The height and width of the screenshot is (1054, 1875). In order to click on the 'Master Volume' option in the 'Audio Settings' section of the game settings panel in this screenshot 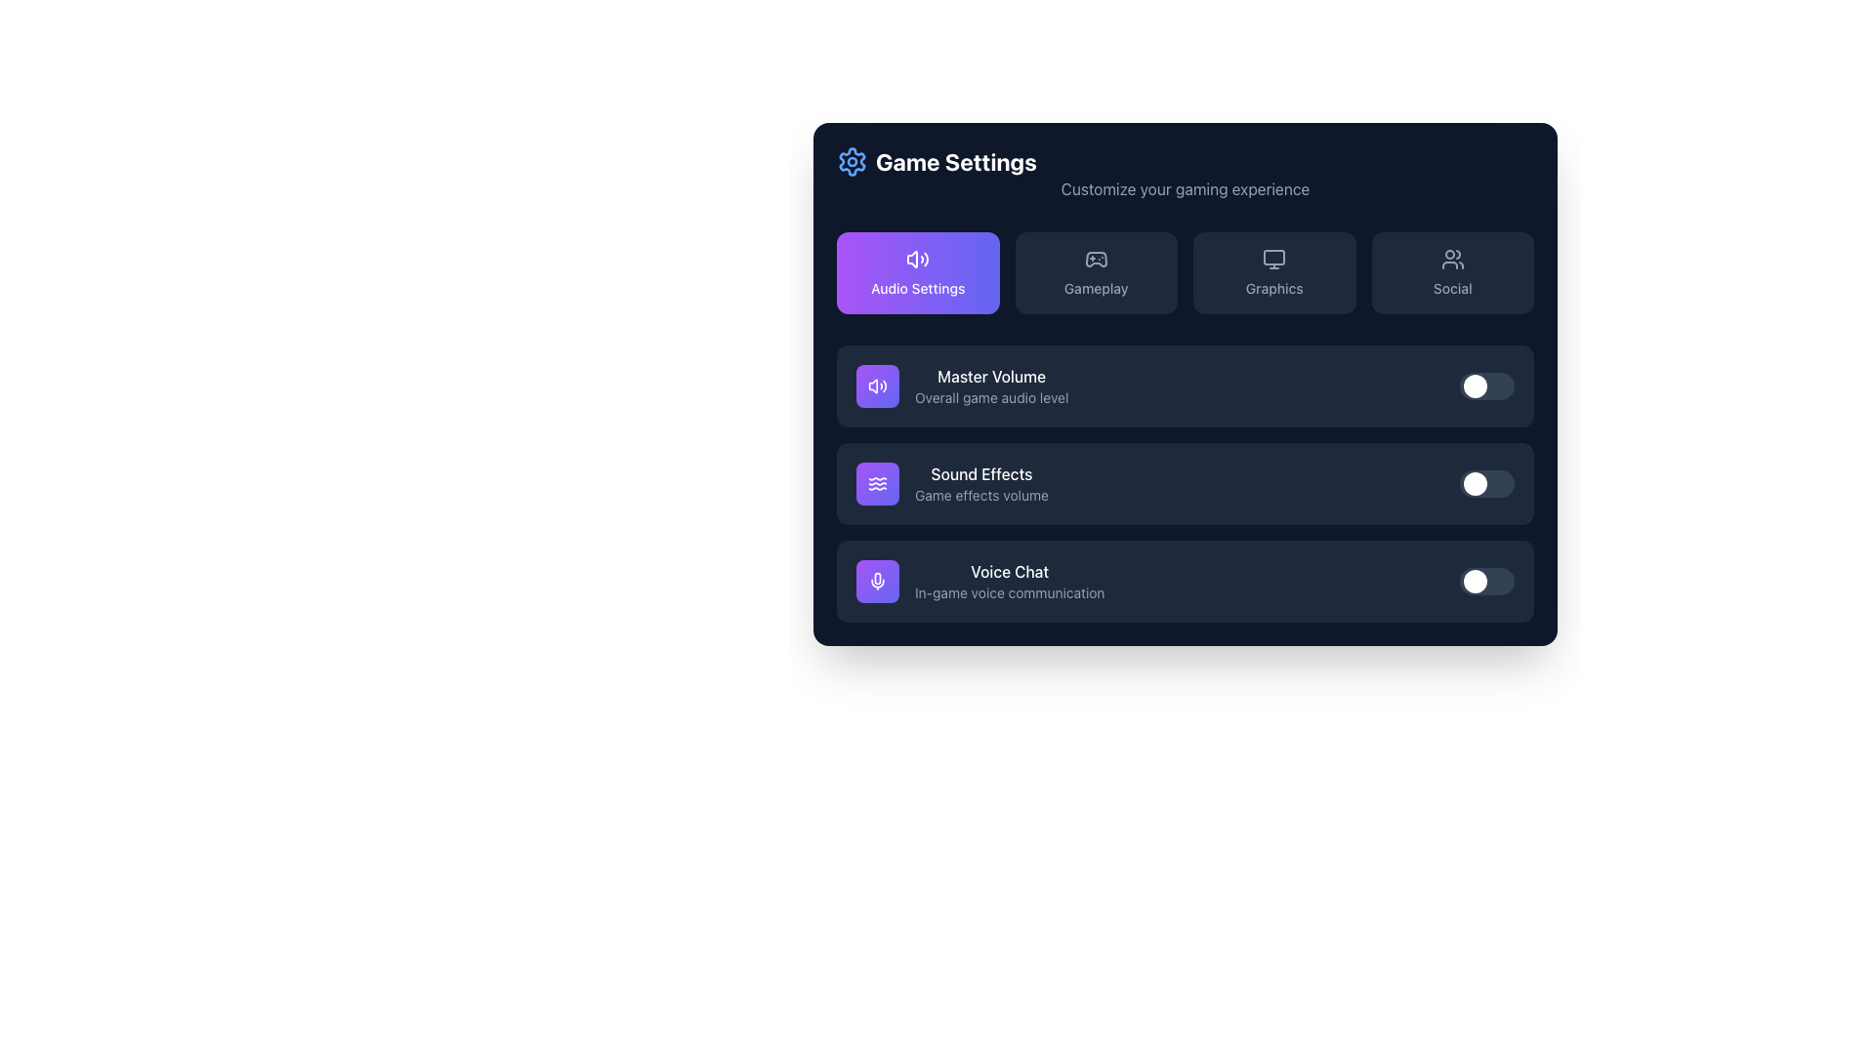, I will do `click(1185, 386)`.